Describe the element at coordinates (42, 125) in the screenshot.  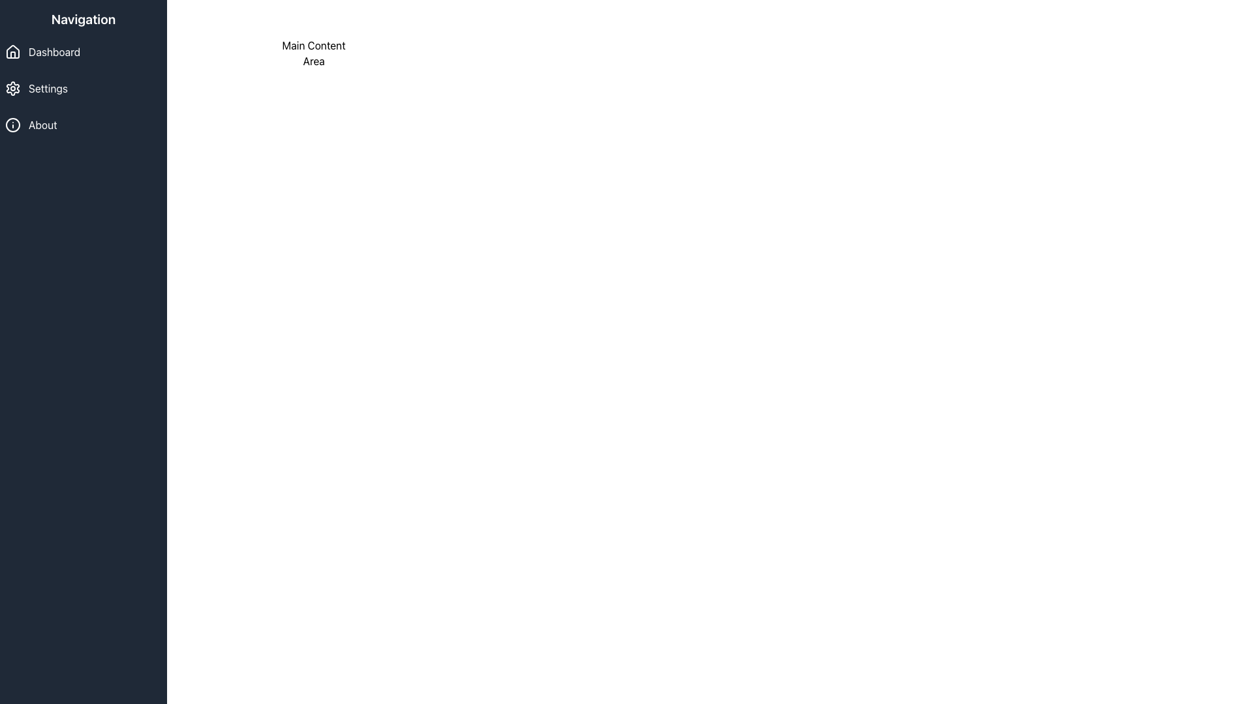
I see `the 'About' text label in the sidebar navigation menu` at that location.